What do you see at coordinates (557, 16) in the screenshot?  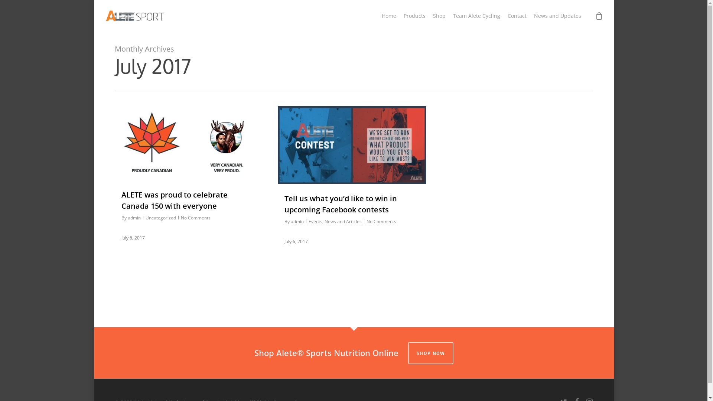 I see `'News and Updates'` at bounding box center [557, 16].